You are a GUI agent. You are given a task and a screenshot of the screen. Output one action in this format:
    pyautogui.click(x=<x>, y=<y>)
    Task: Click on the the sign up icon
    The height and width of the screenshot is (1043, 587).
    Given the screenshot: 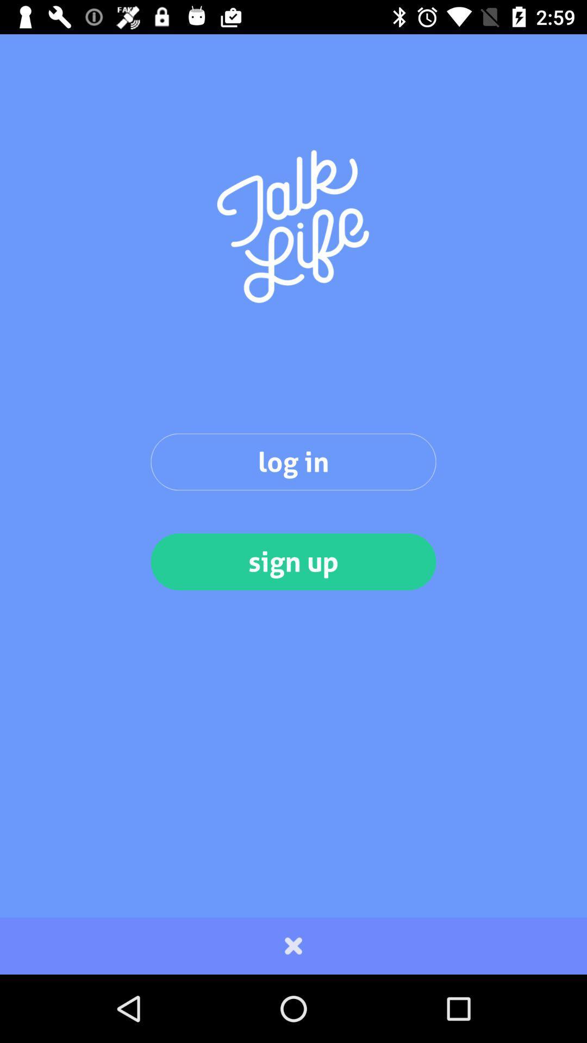 What is the action you would take?
    pyautogui.click(x=293, y=562)
    